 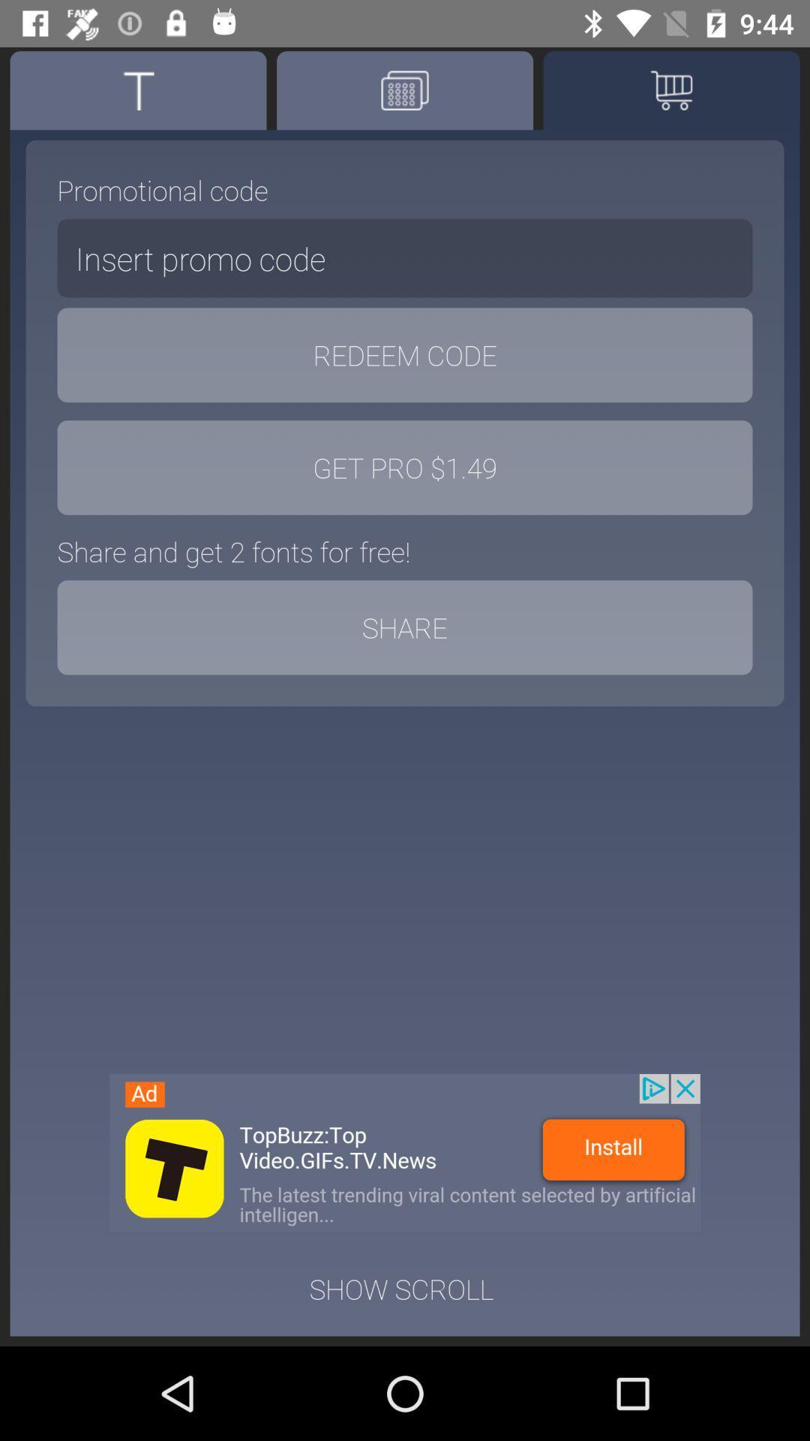 I want to click on cart option, so click(x=670, y=89).